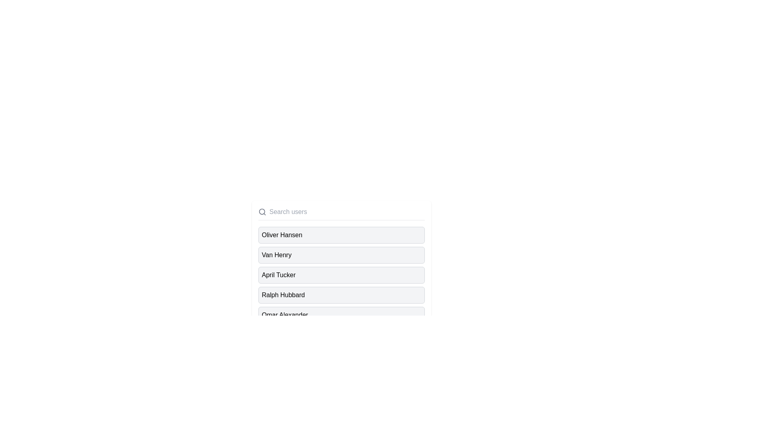 This screenshot has height=432, width=768. What do you see at coordinates (341, 276) in the screenshot?
I see `the list item labeled 'April Tucker'` at bounding box center [341, 276].